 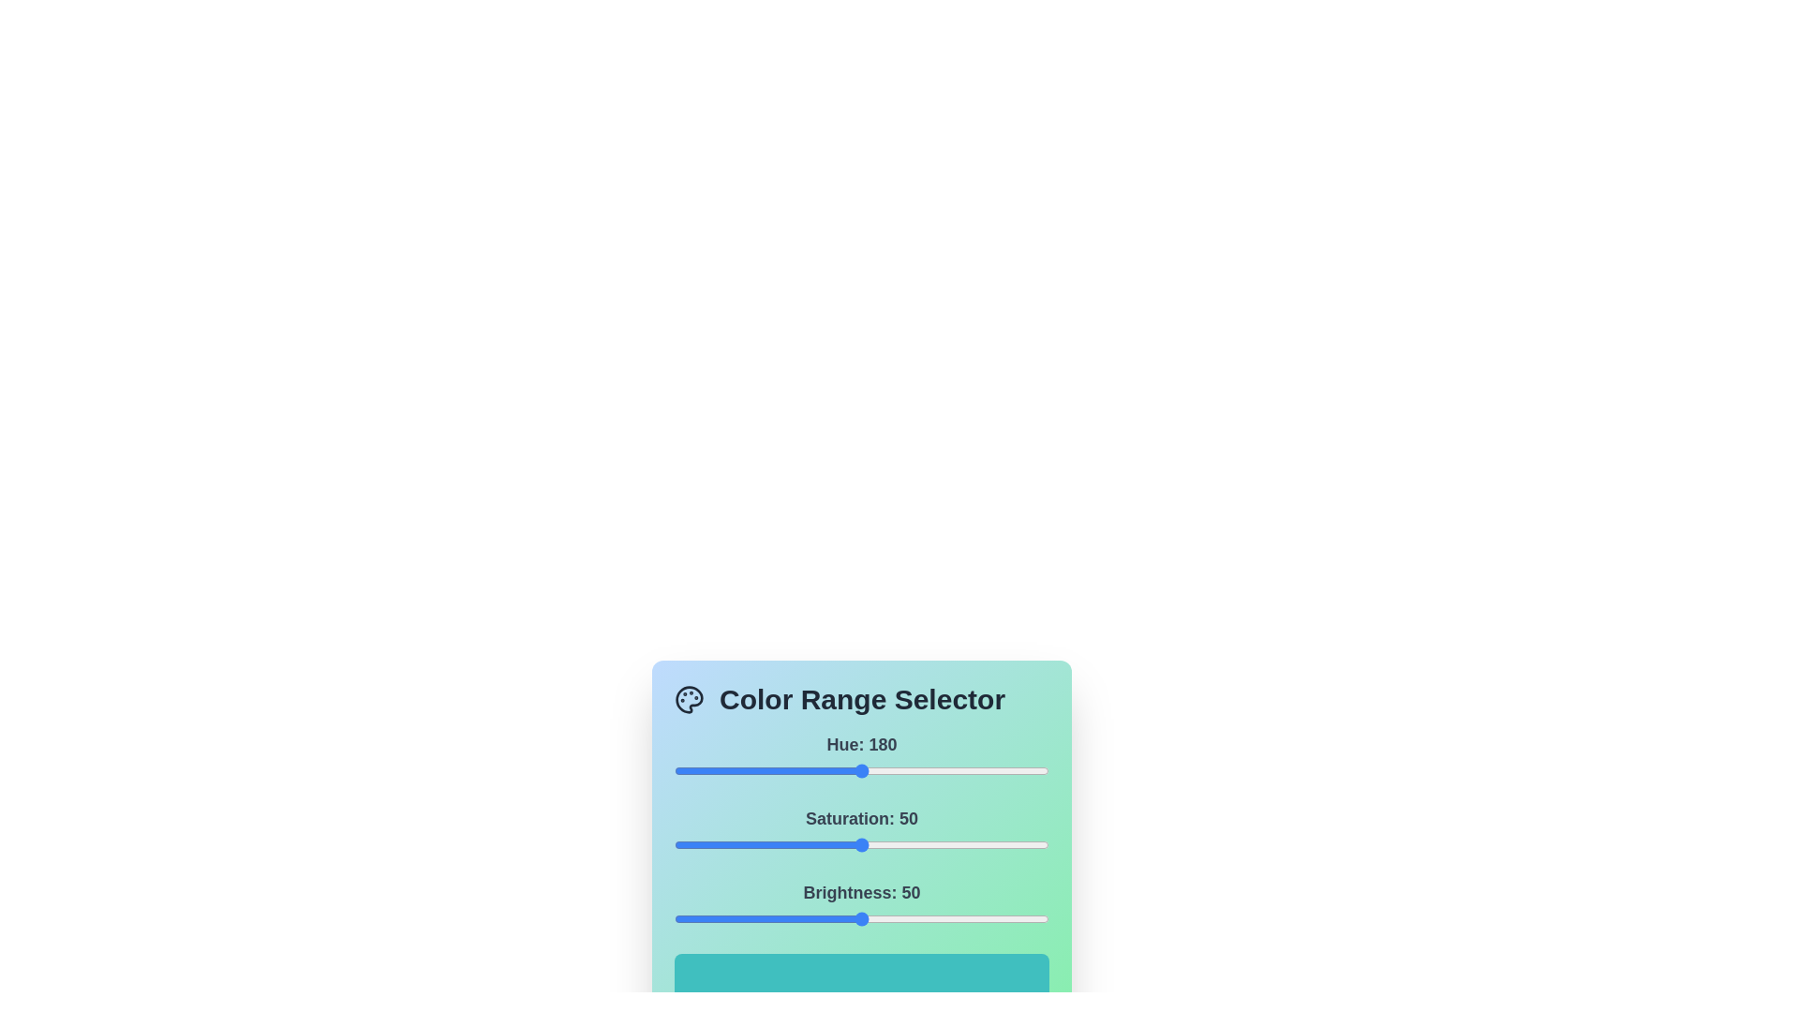 I want to click on the 1 slider to 75, so click(x=955, y=845).